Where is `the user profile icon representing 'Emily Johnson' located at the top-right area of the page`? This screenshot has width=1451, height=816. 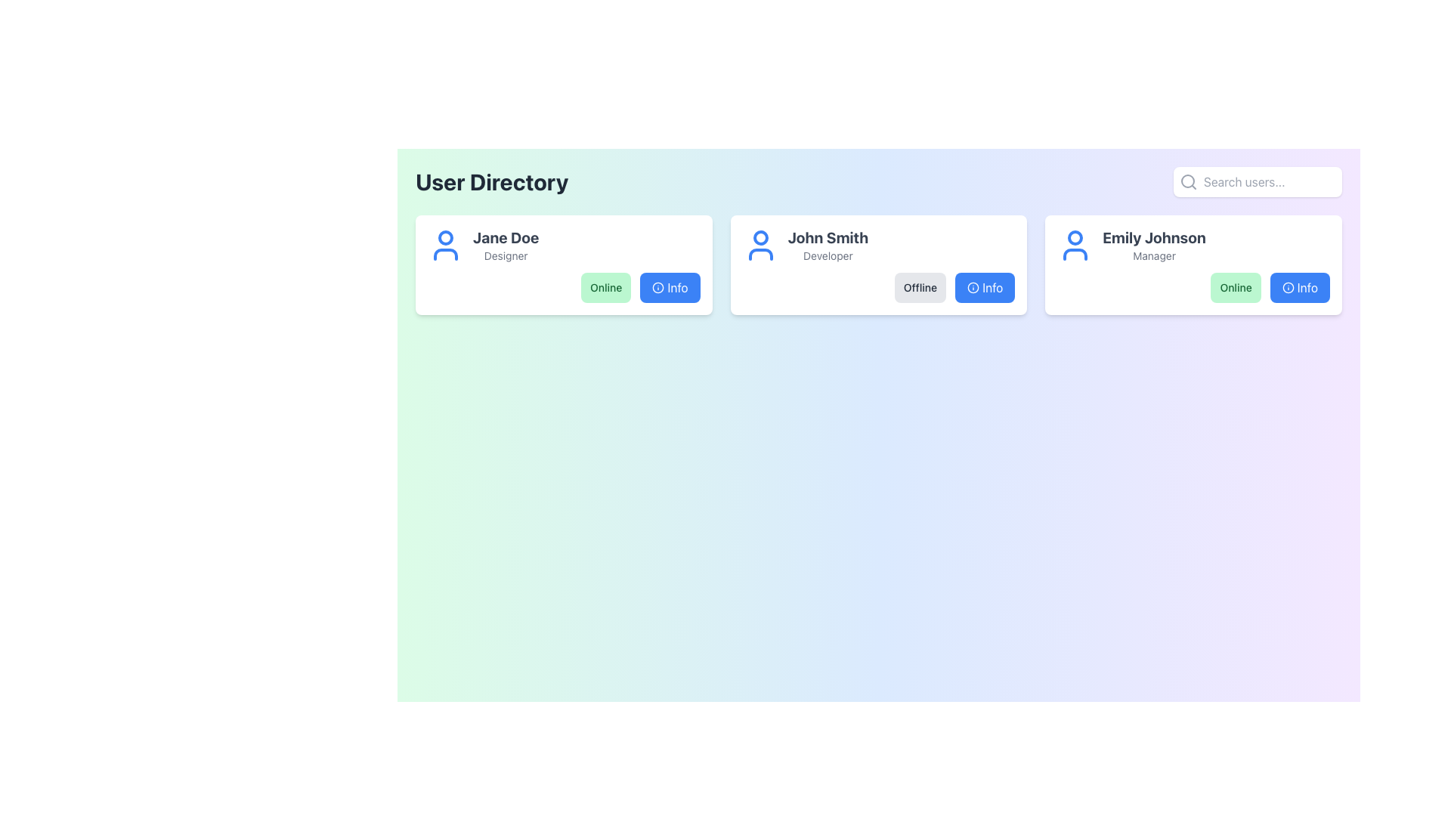
the user profile icon representing 'Emily Johnson' located at the top-right area of the page is located at coordinates (1075, 244).